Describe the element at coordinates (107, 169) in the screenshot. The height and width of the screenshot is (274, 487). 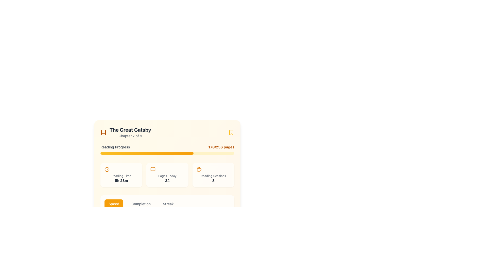
I see `the SVG Circle that represents the outer boundary of the clock icon within the 'Reading Time' card` at that location.